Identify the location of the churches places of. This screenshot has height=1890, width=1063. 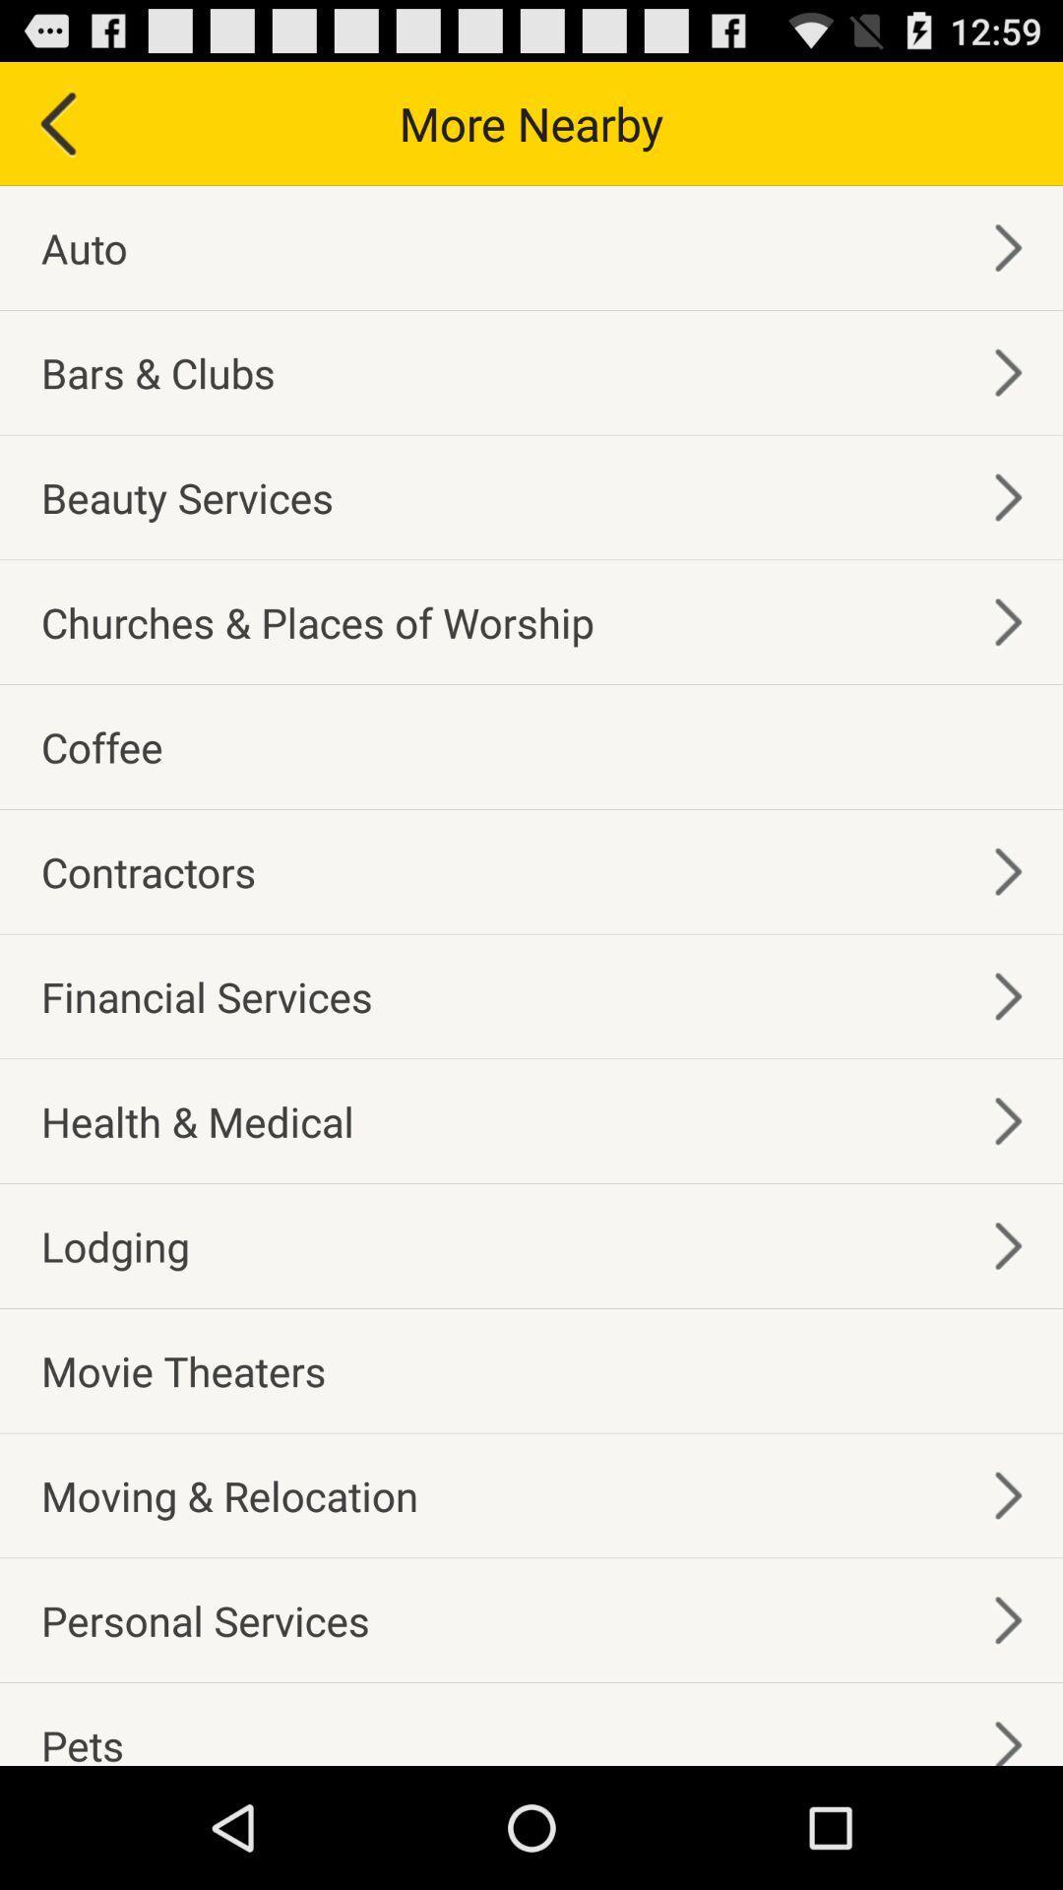
(316, 621).